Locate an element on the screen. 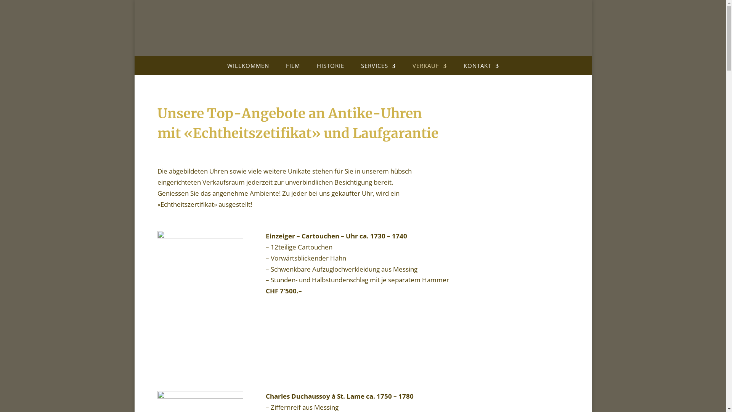  'KONTAKT' is located at coordinates (481, 68).